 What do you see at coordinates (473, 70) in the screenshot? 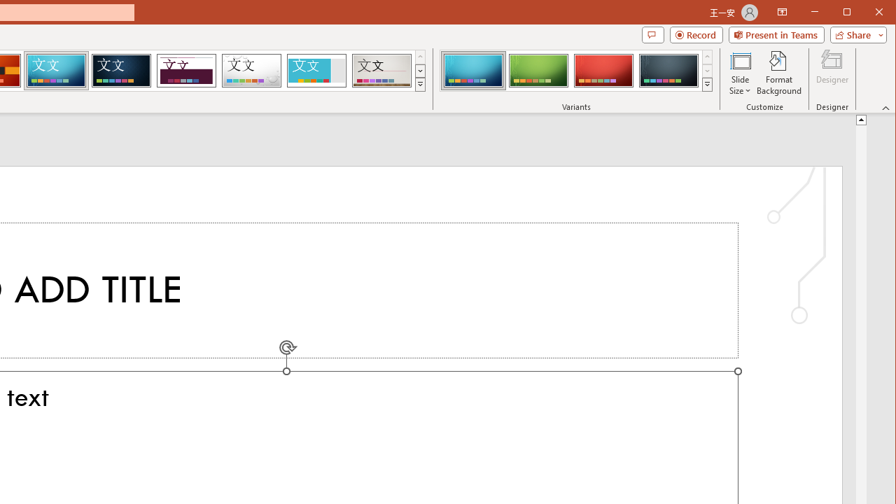
I see `'Circuit Variant 1'` at bounding box center [473, 70].